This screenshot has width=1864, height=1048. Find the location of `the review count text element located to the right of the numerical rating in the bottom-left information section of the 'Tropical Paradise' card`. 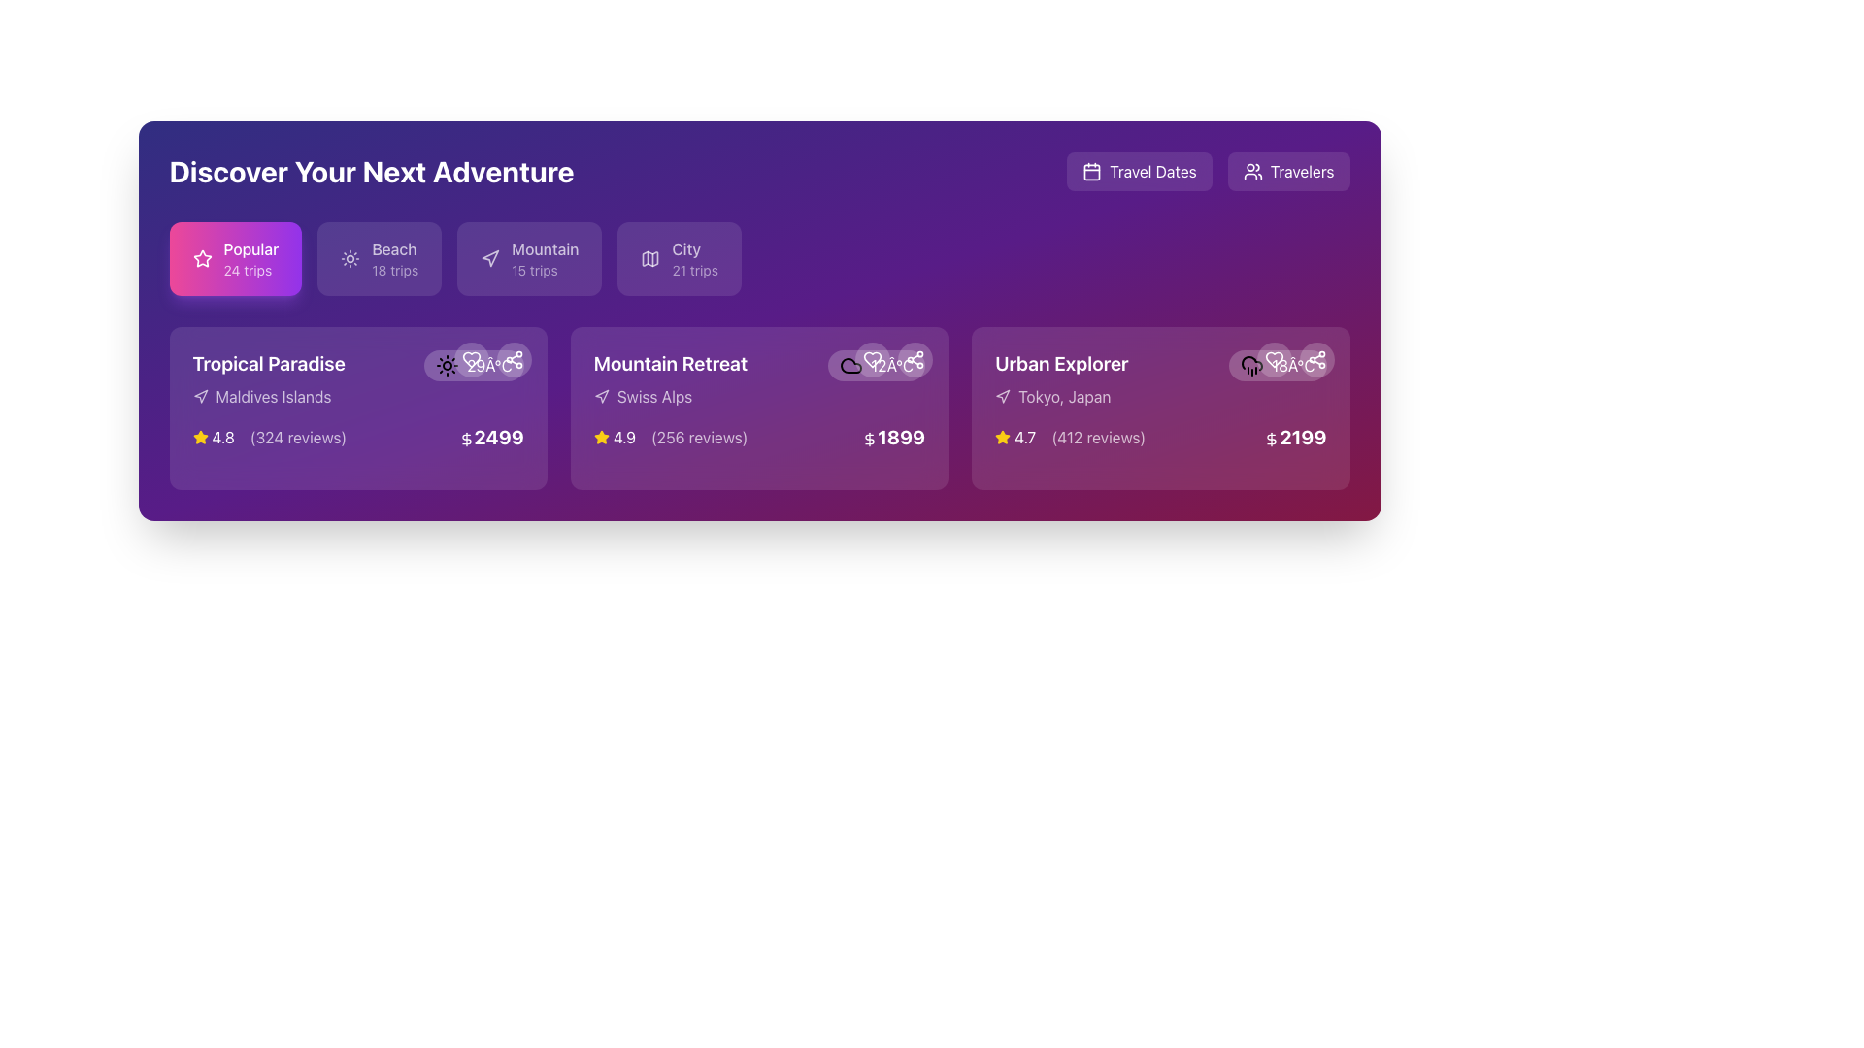

the review count text element located to the right of the numerical rating in the bottom-left information section of the 'Tropical Paradise' card is located at coordinates (297, 438).